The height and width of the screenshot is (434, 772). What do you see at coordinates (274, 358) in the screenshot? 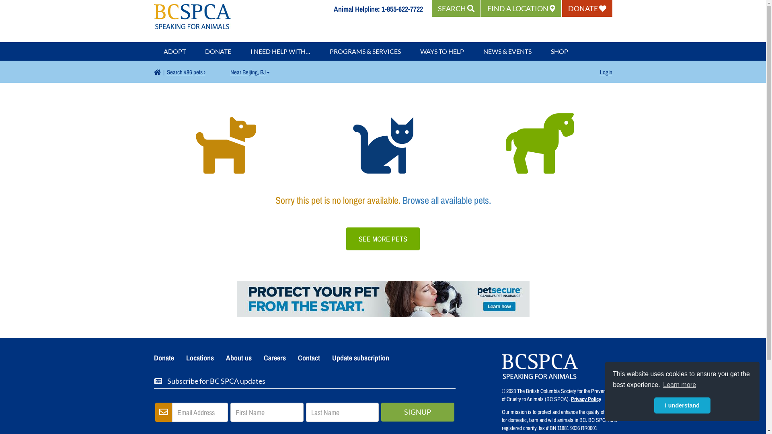
I see `'Careers'` at bounding box center [274, 358].